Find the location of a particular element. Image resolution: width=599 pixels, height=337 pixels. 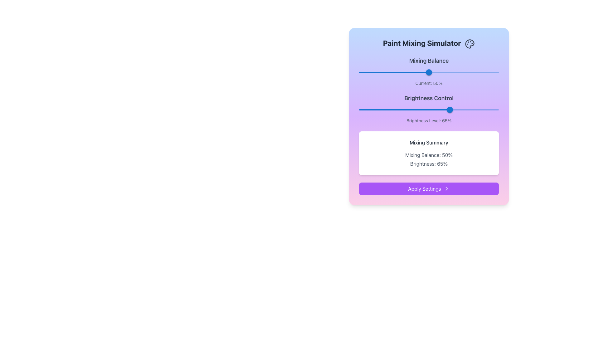

Mixing Balance is located at coordinates (429, 72).